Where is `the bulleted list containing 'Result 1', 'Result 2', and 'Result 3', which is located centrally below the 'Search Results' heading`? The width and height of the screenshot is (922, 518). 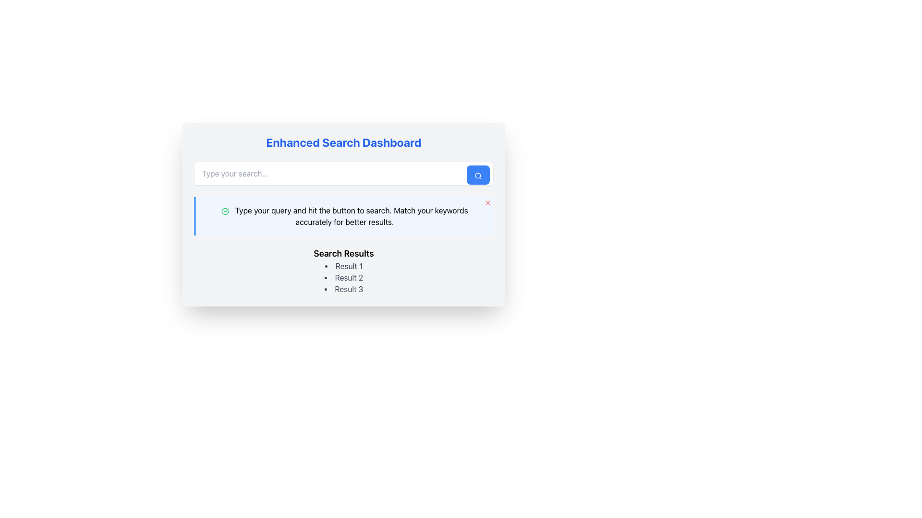
the bulleted list containing 'Result 1', 'Result 2', and 'Result 3', which is located centrally below the 'Search Results' heading is located at coordinates (343, 277).